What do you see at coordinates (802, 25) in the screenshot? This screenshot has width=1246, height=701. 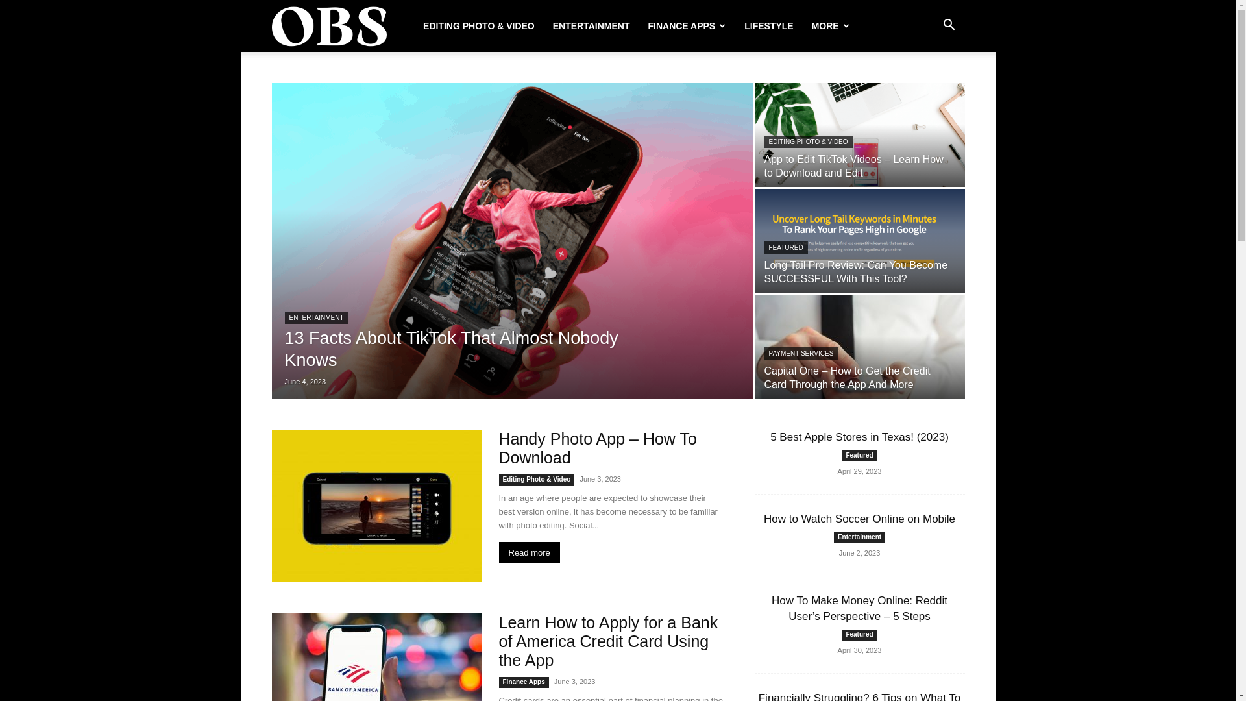 I see `'MORE'` at bounding box center [802, 25].